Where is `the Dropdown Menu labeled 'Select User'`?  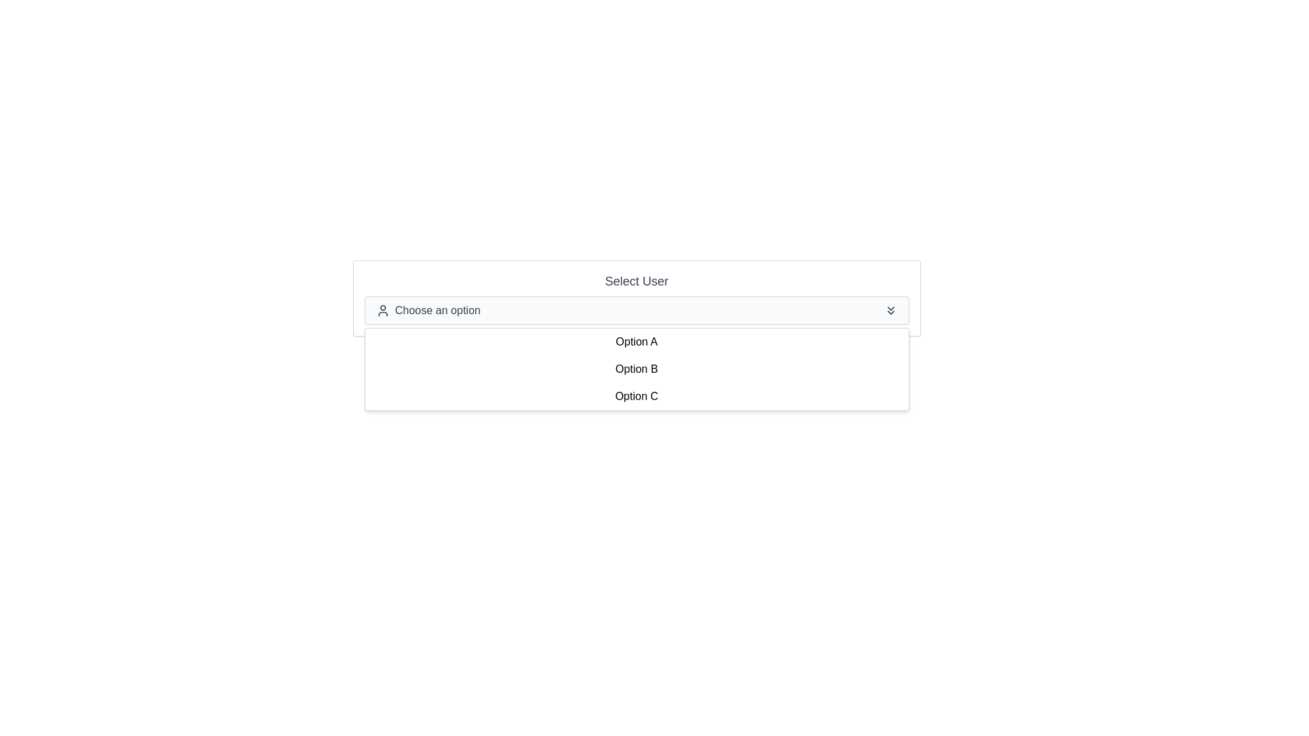 the Dropdown Menu labeled 'Select User' is located at coordinates (636, 298).